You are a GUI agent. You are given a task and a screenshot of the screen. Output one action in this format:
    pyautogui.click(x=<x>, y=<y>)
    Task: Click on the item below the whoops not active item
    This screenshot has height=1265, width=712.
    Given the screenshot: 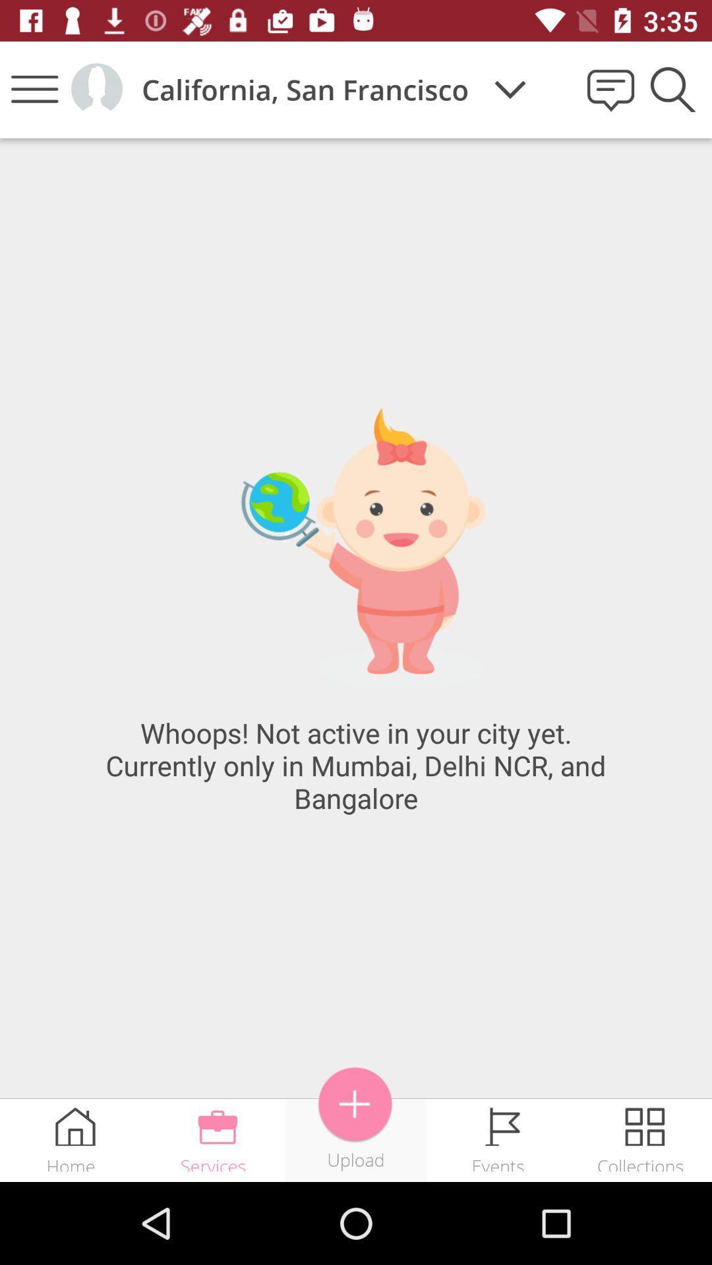 What is the action you would take?
    pyautogui.click(x=355, y=1104)
    